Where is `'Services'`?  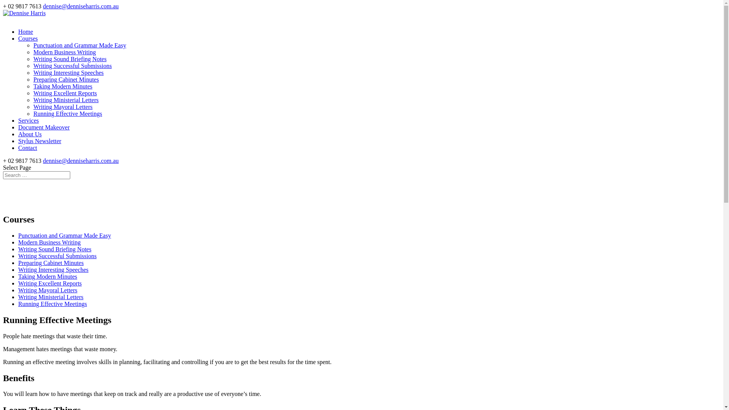 'Services' is located at coordinates (18, 123).